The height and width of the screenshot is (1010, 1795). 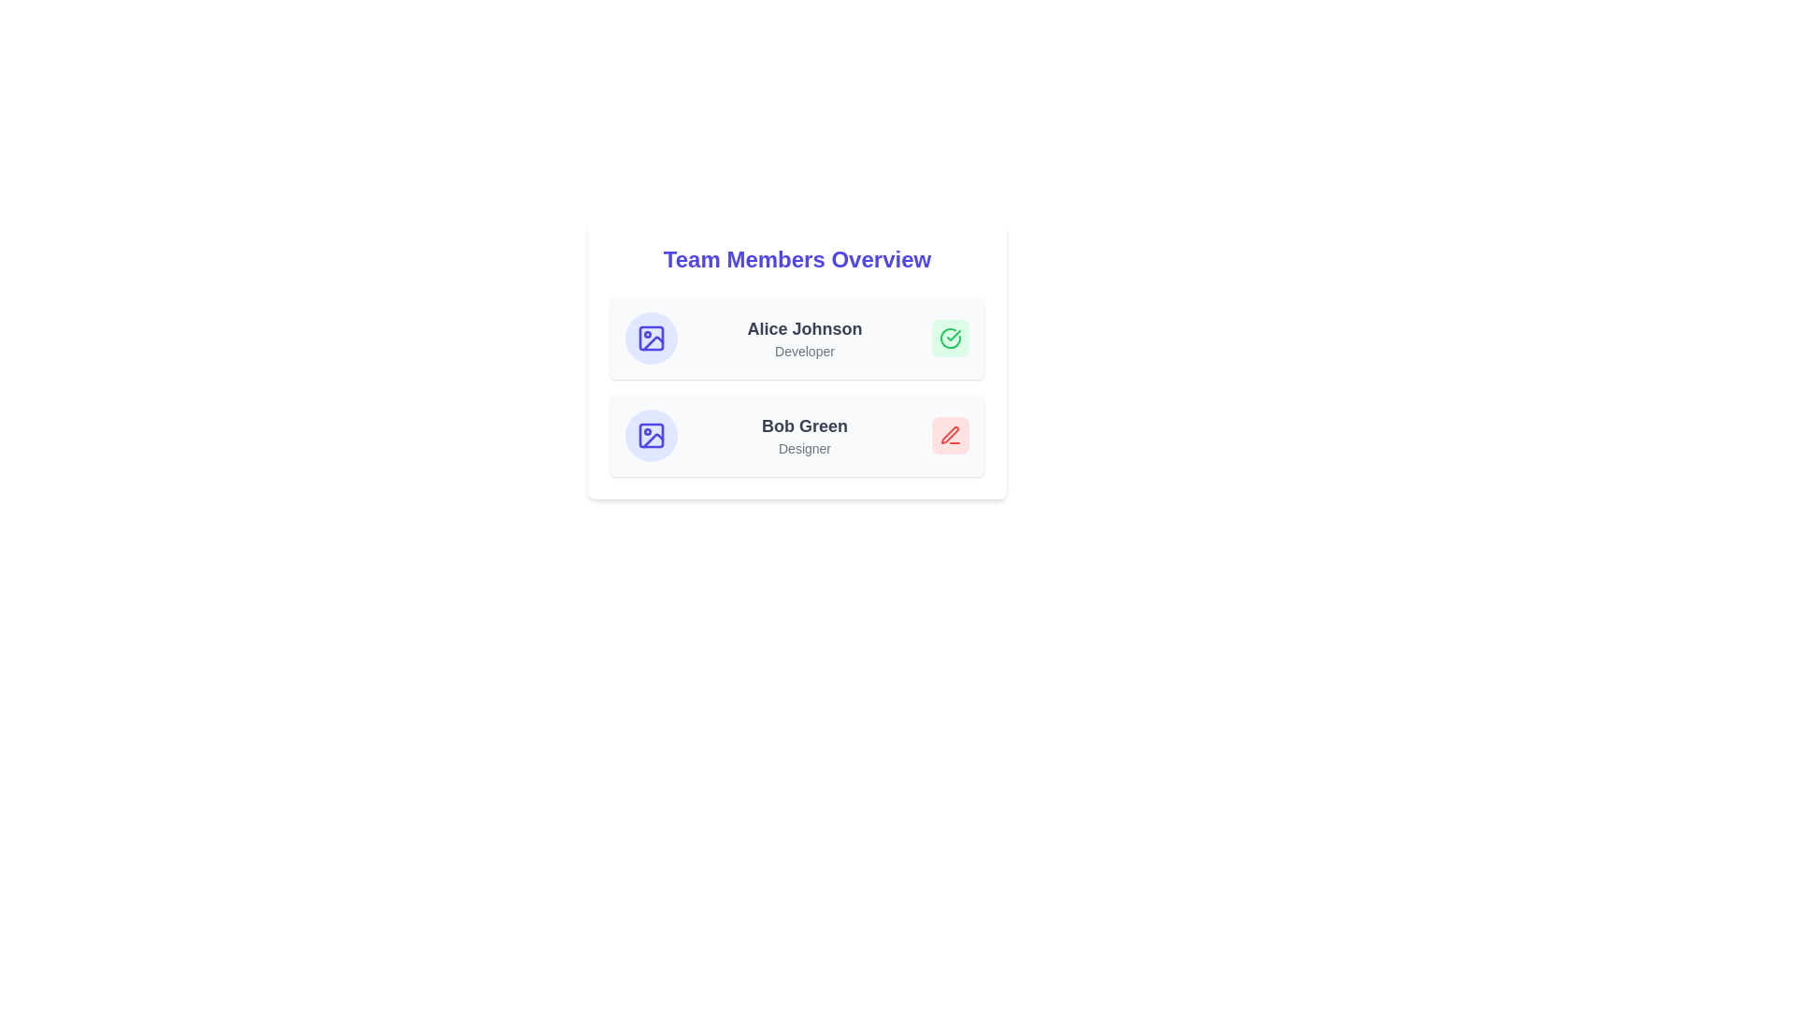 What do you see at coordinates (651, 436) in the screenshot?
I see `the profile picture placeholder for Bob Green to upload or change the profile picture` at bounding box center [651, 436].